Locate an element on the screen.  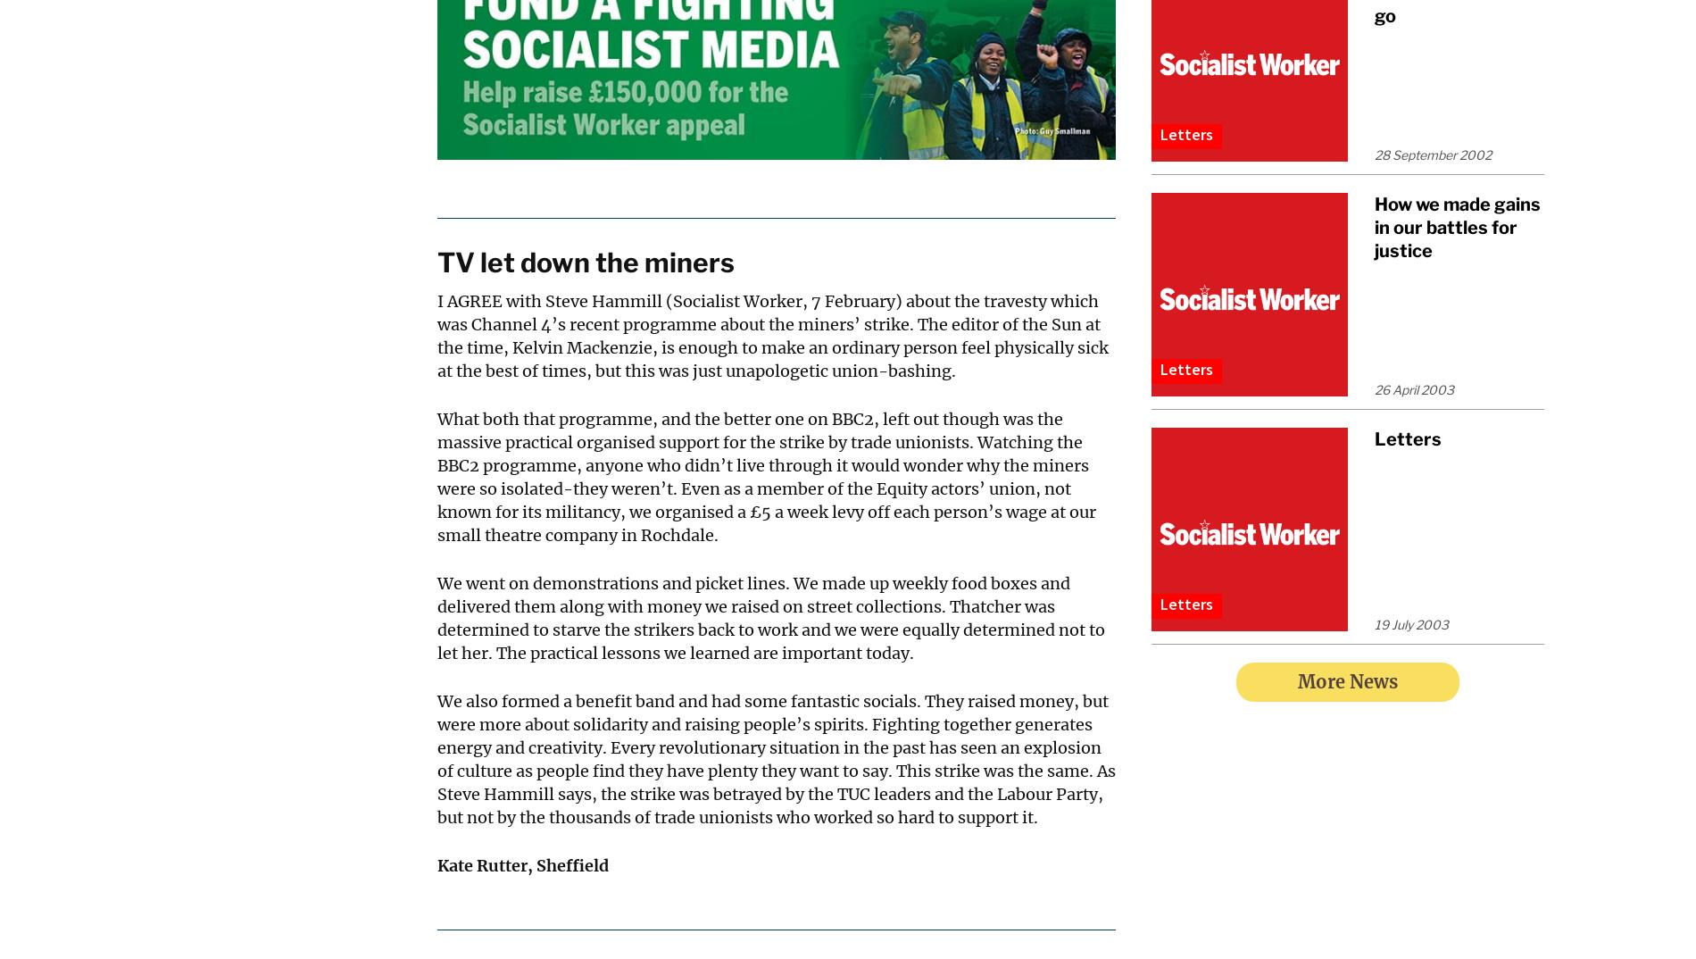
'What both that programme, and the better one on BBC2, left out though was the massive practical organised support for the strike by trade unionists. Watching the BBC2 programme, anyone who didn’t live through it would wonder why the miners were so isolated-they weren’t. Even as a member of the Equity actors’ union, not known for its militancy, we organised a £5 a week levy off each person’s wage at our small theatre company in Rochdale.' is located at coordinates (765, 477).